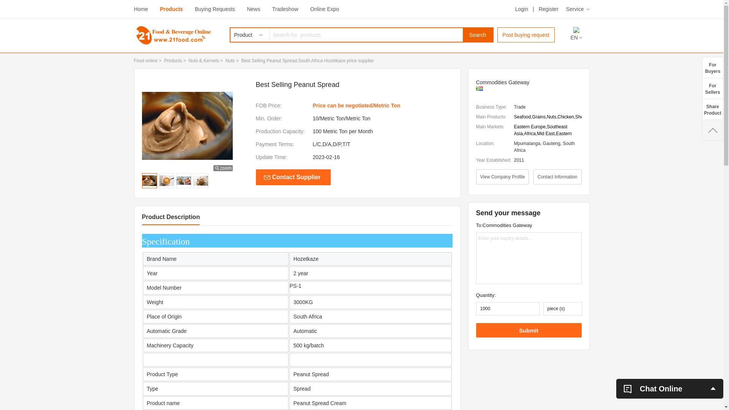  I want to click on 'Buying Requests', so click(215, 9).